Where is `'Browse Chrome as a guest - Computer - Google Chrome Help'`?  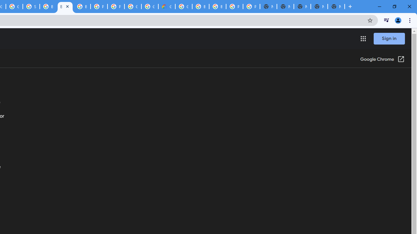
'Browse Chrome as a guest - Computer - Google Chrome Help' is located at coordinates (48, 6).